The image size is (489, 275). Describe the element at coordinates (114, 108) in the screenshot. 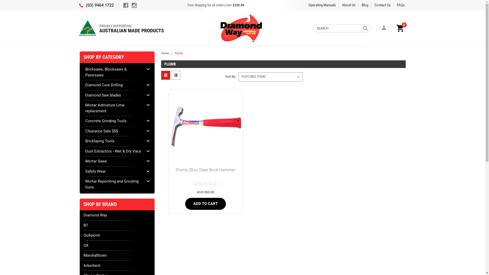

I see `'Mortar Admixture Lime replacement'` at that location.